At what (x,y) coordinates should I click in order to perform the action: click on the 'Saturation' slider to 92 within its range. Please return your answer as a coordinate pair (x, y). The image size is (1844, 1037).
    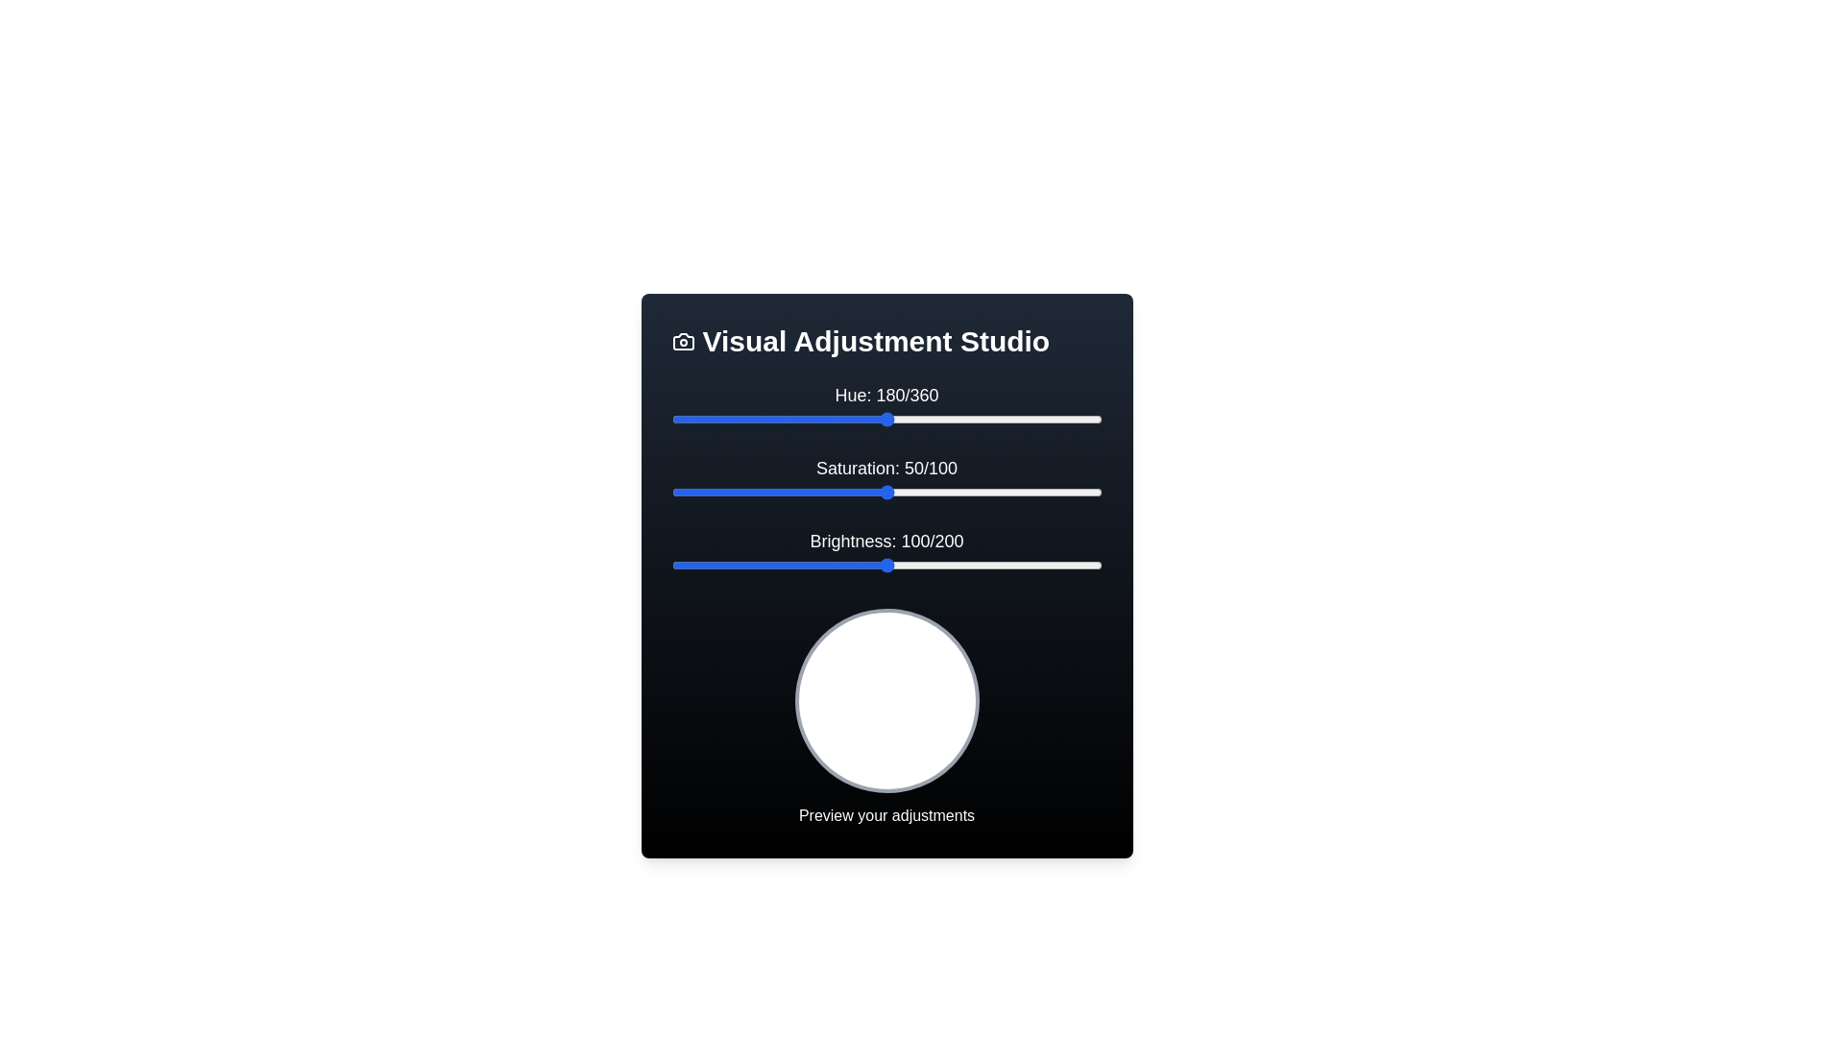
    Looking at the image, I should click on (1066, 492).